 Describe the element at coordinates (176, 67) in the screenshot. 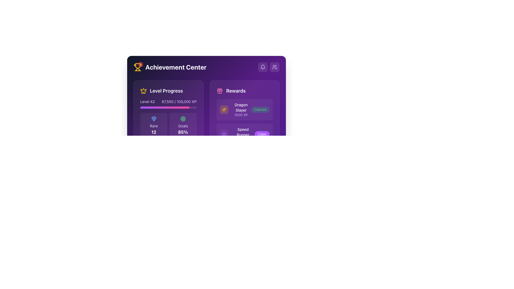

I see `the Text Label that serves as the header for the 'Achievement Center', located near a trophy icon and accompanied by a numeric badge` at that location.